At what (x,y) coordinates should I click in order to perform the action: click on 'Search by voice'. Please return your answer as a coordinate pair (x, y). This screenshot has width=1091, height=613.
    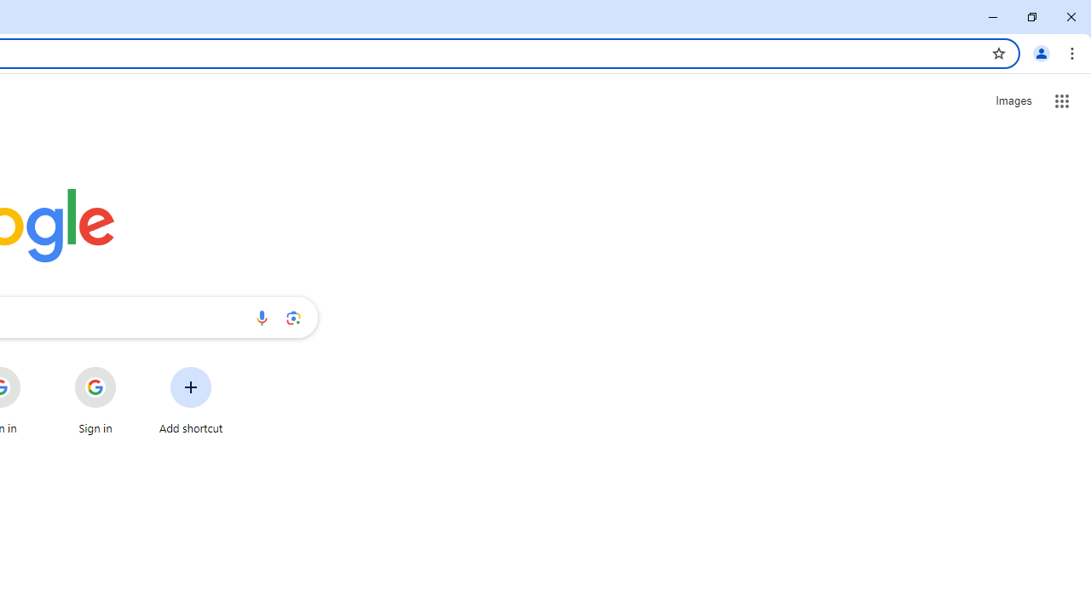
    Looking at the image, I should click on (261, 317).